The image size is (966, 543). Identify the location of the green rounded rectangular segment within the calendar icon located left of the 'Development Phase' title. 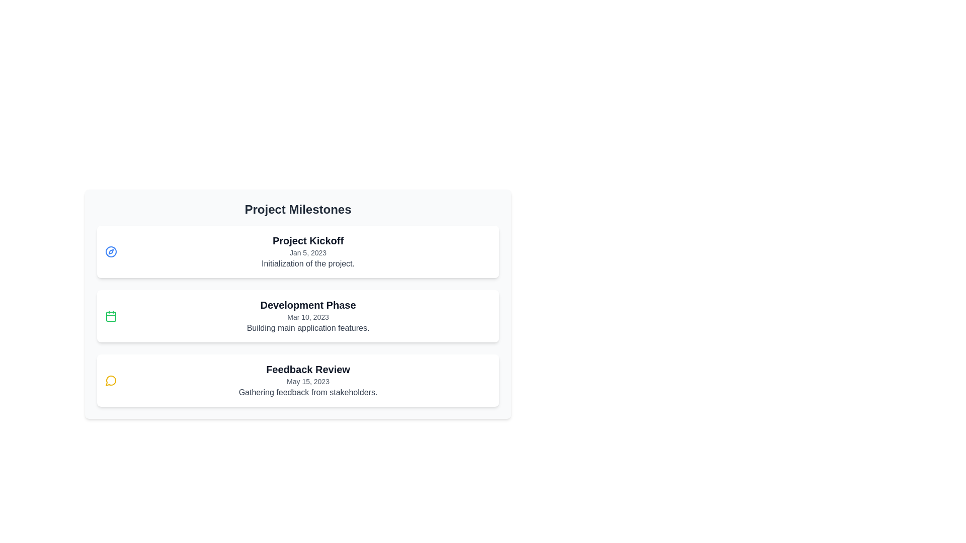
(111, 316).